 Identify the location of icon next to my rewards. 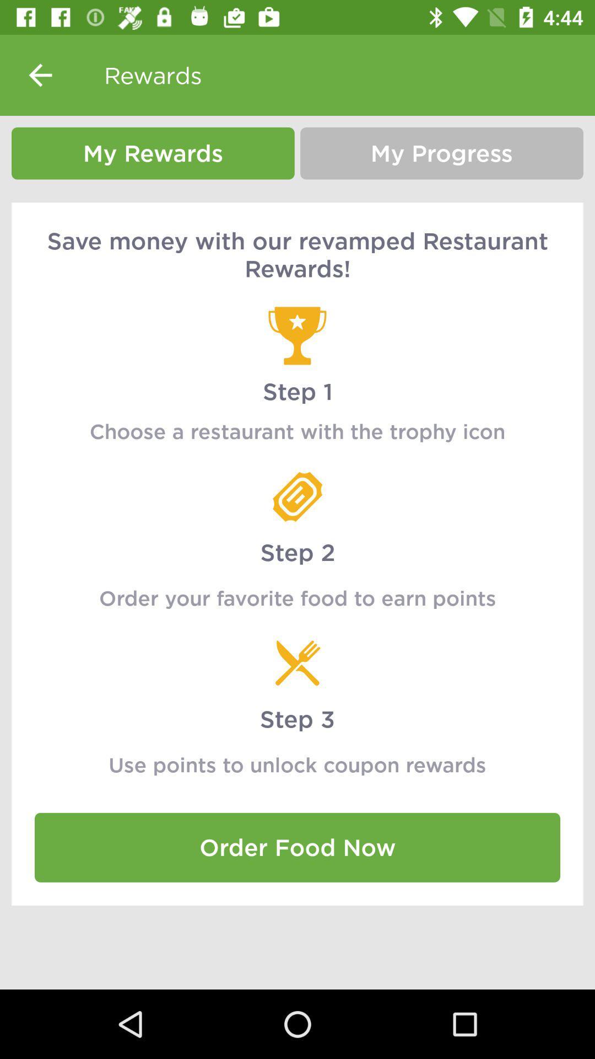
(441, 153).